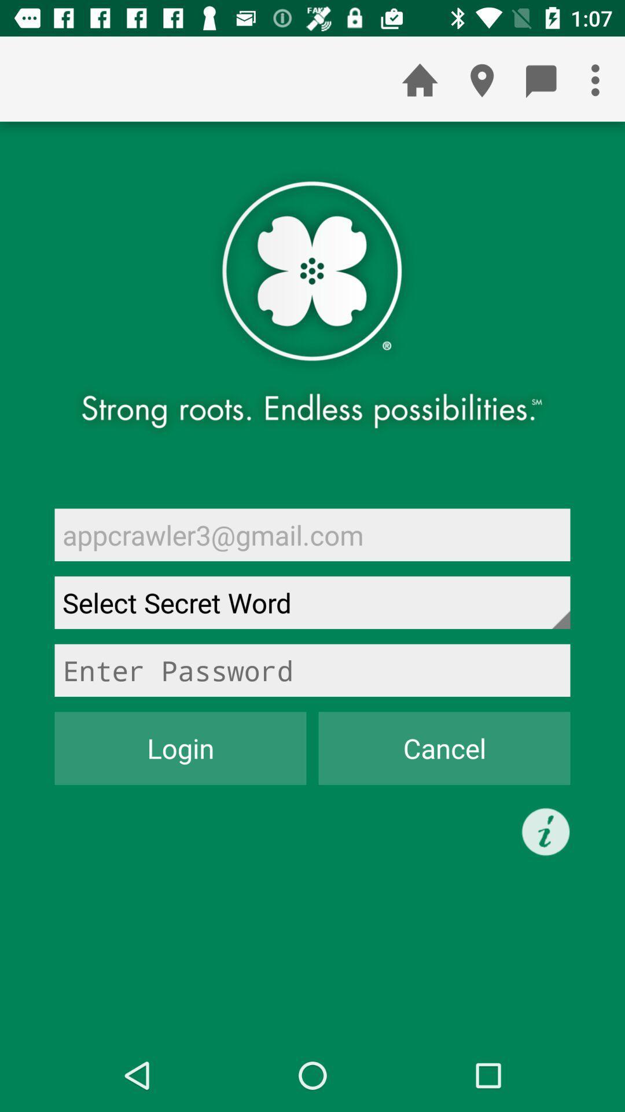 Image resolution: width=625 pixels, height=1112 pixels. I want to click on icon to the left of cancel icon, so click(181, 748).